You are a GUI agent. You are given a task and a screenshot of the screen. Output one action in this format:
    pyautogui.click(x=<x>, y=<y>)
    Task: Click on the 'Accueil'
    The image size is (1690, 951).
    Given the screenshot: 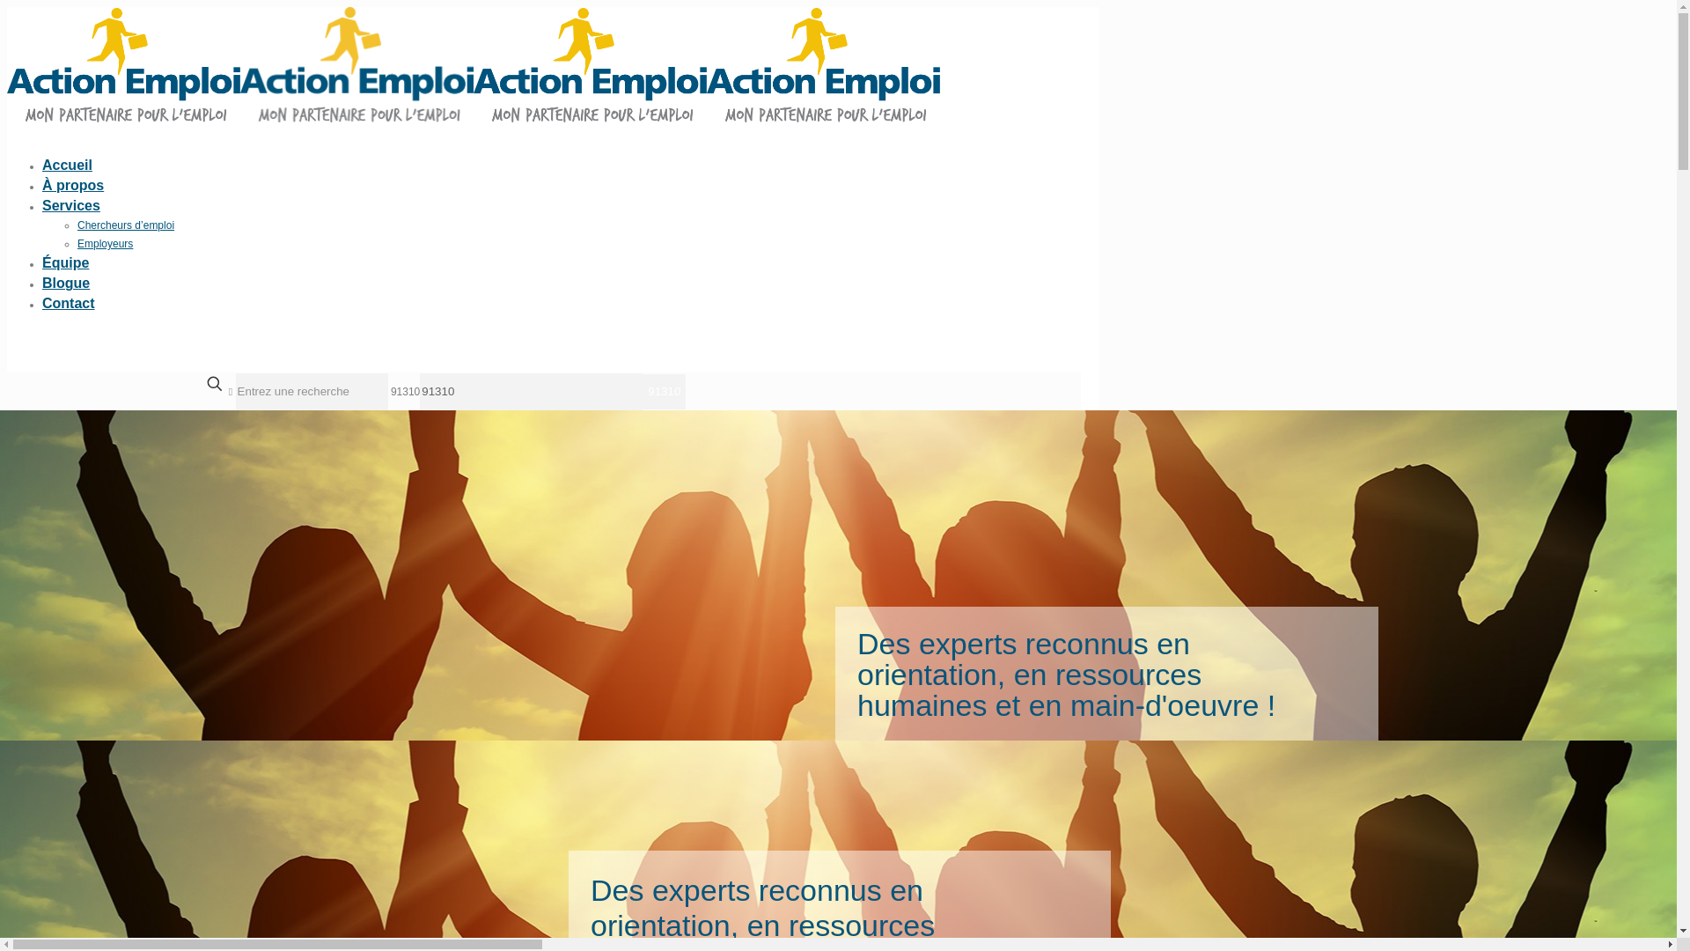 What is the action you would take?
    pyautogui.click(x=42, y=165)
    